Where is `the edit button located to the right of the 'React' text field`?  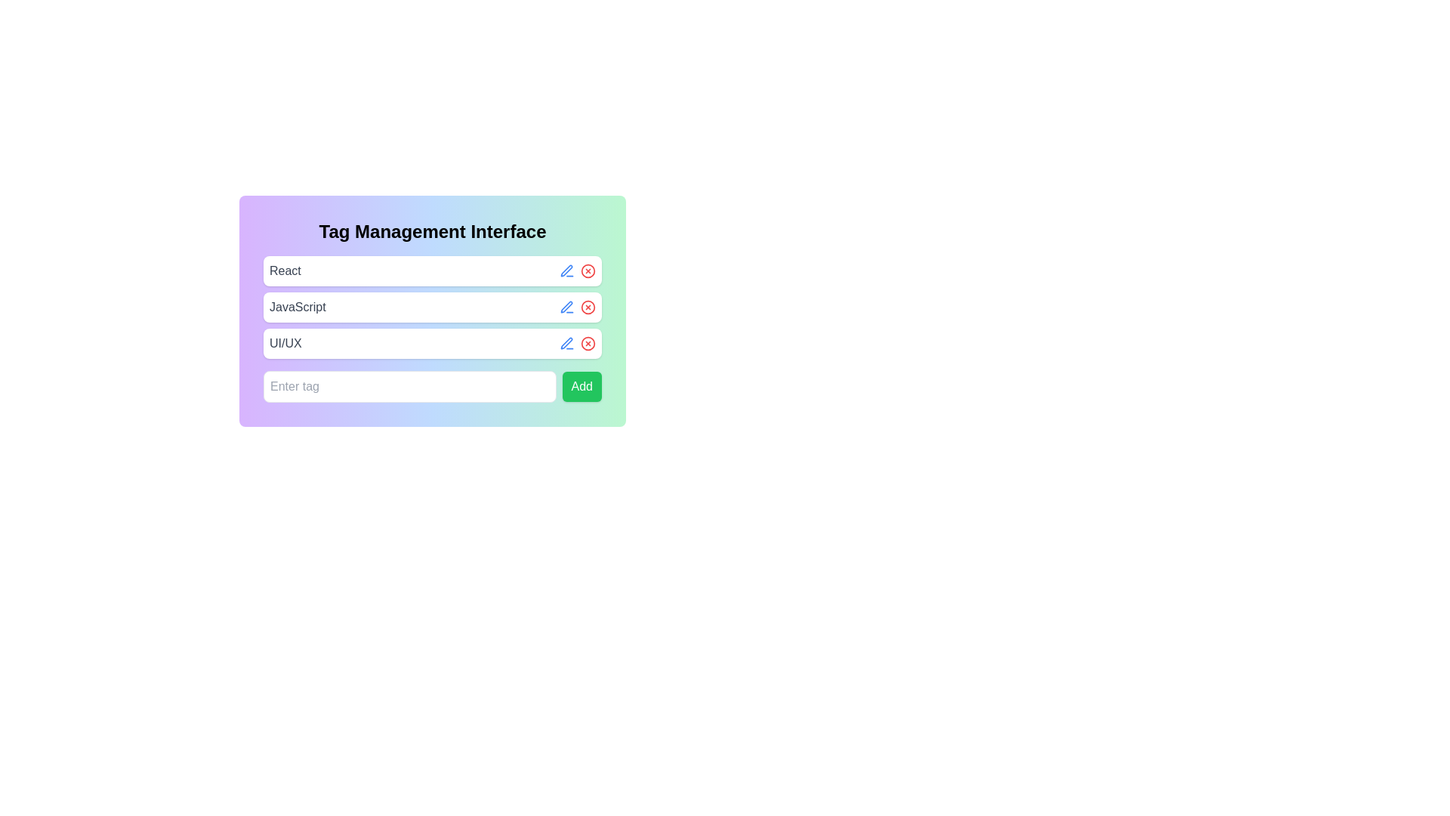
the edit button located to the right of the 'React' text field is located at coordinates (566, 270).